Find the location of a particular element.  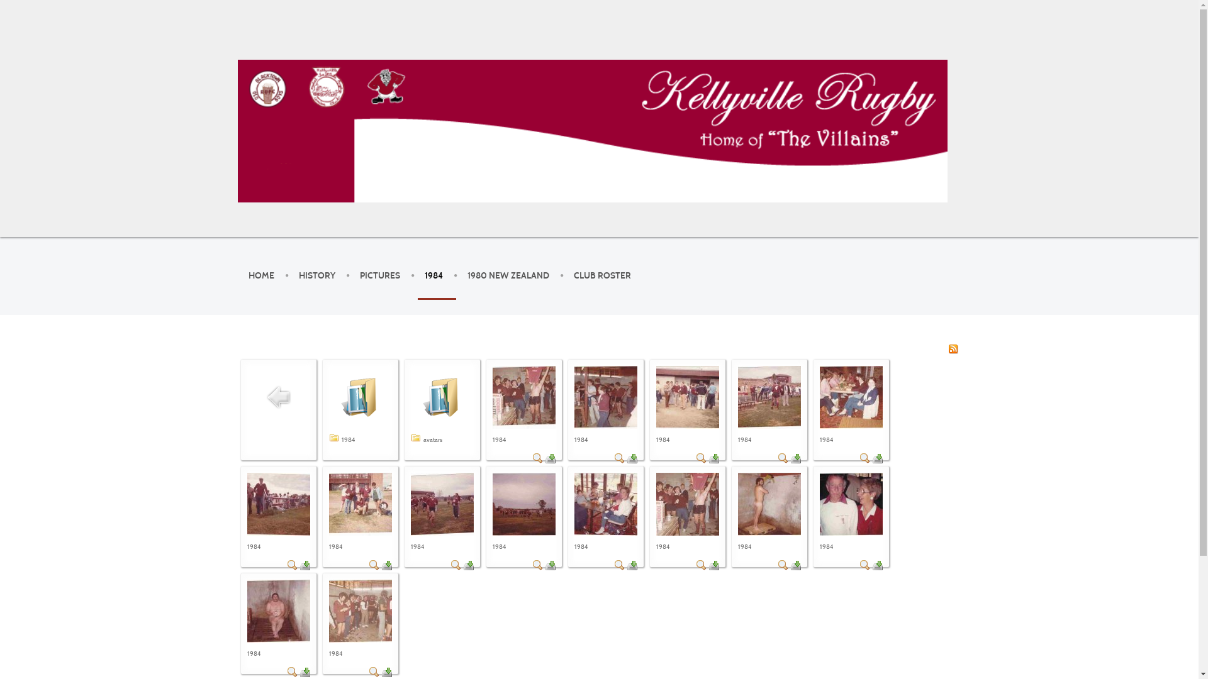

'Detail' is located at coordinates (373, 563).